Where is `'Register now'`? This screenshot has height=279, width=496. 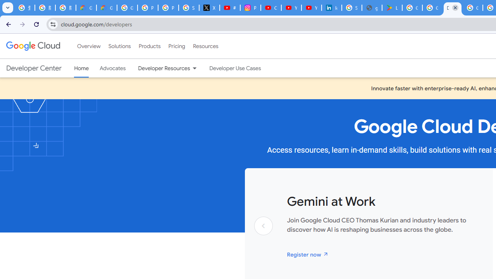
'Register now' is located at coordinates (307, 254).